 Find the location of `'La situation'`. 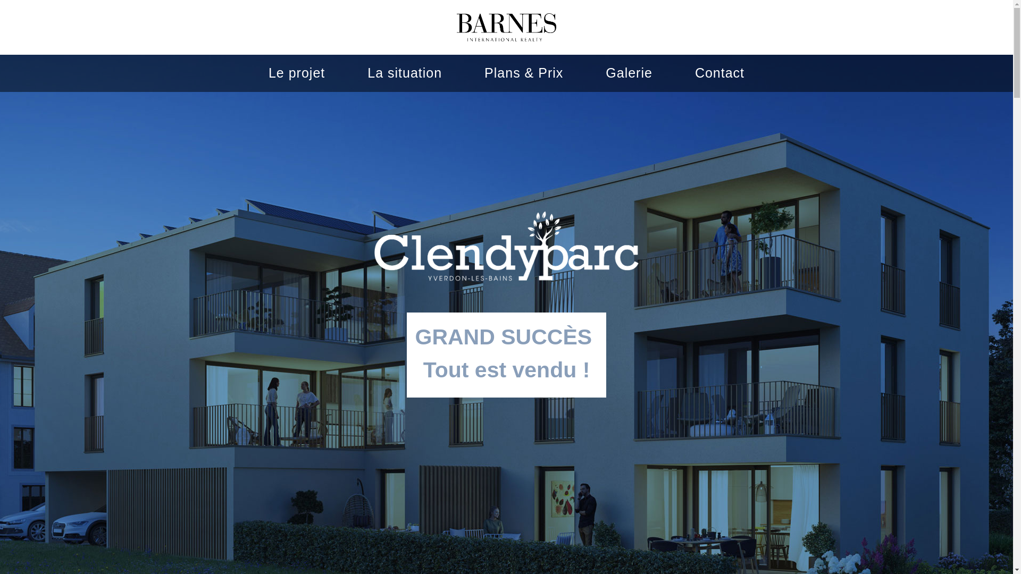

'La situation' is located at coordinates (367, 72).